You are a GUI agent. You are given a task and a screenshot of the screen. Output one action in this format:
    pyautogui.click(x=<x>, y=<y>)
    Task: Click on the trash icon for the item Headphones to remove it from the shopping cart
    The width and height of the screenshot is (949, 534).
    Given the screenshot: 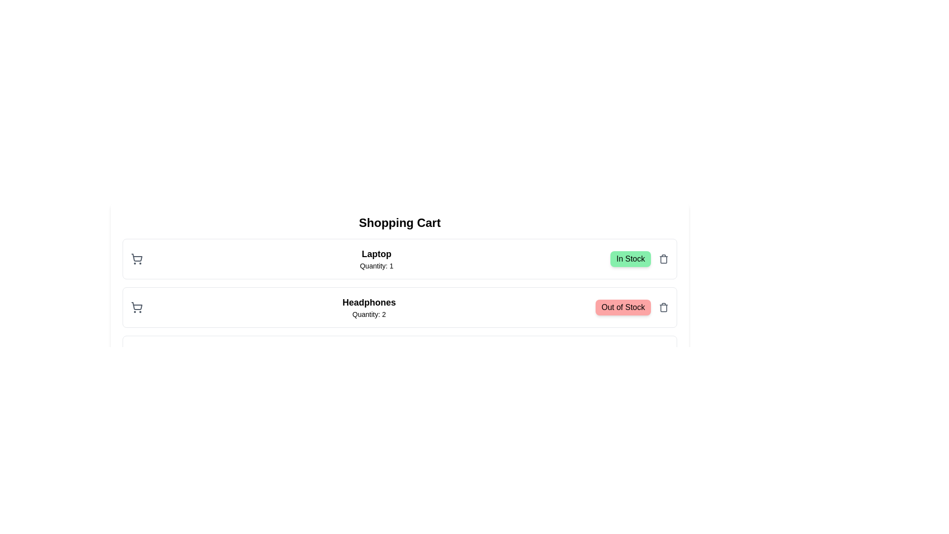 What is the action you would take?
    pyautogui.click(x=664, y=307)
    